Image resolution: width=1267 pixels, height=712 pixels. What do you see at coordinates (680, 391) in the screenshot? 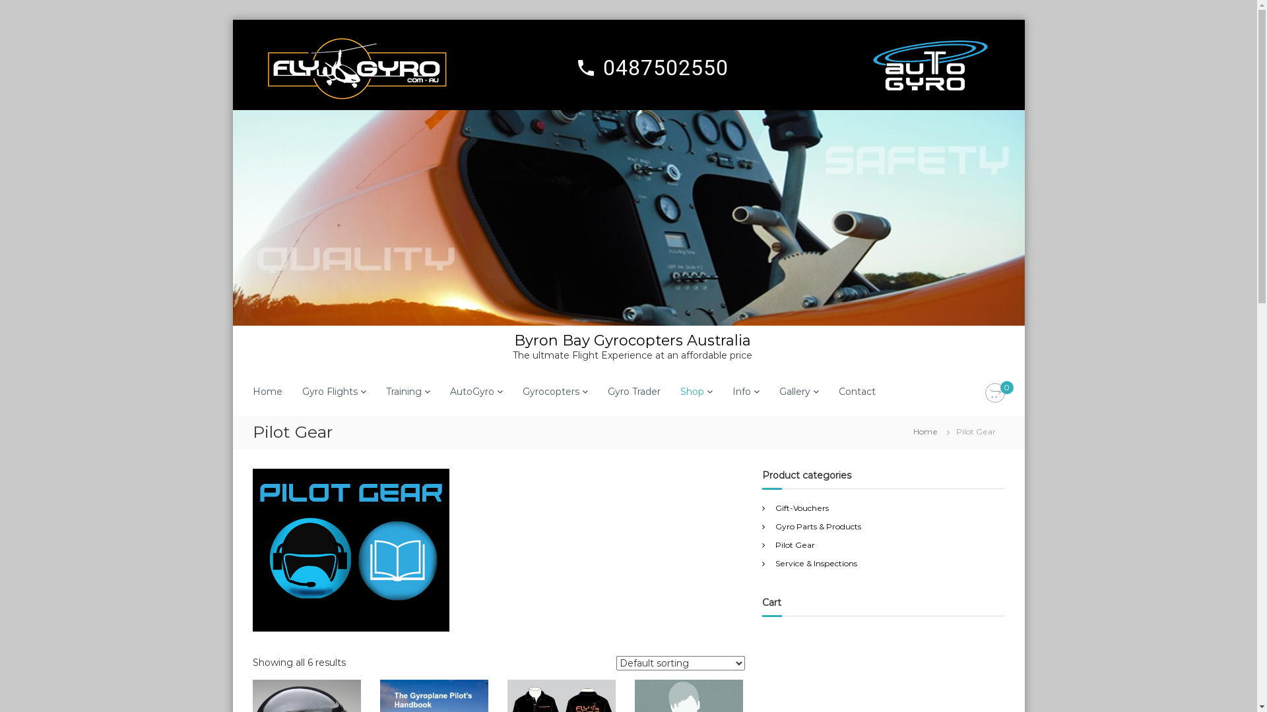
I see `'Shop'` at bounding box center [680, 391].